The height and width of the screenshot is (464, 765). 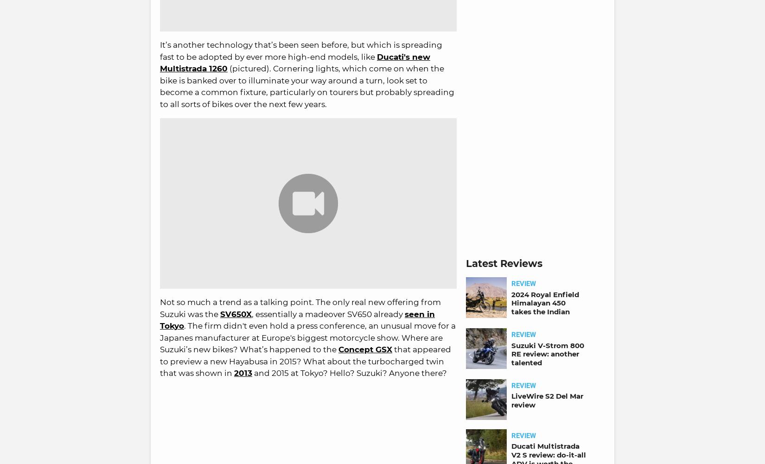 What do you see at coordinates (307, 337) in the screenshot?
I see `'. The firm didn't even hold a press conference, an unusual move for a Japanes manufacturer at Europe's biggest motorcycle show. Where are Suzuki’s new bikes? What’s happened to the'` at bounding box center [307, 337].